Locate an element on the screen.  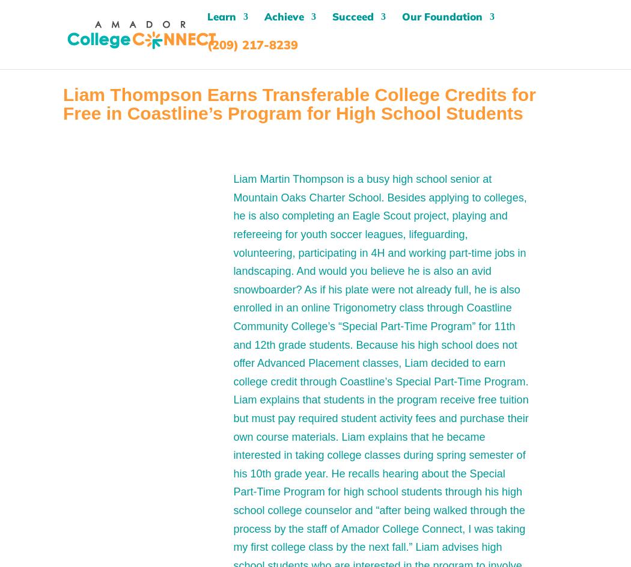
'Ways to Help' is located at coordinates (451, 118).